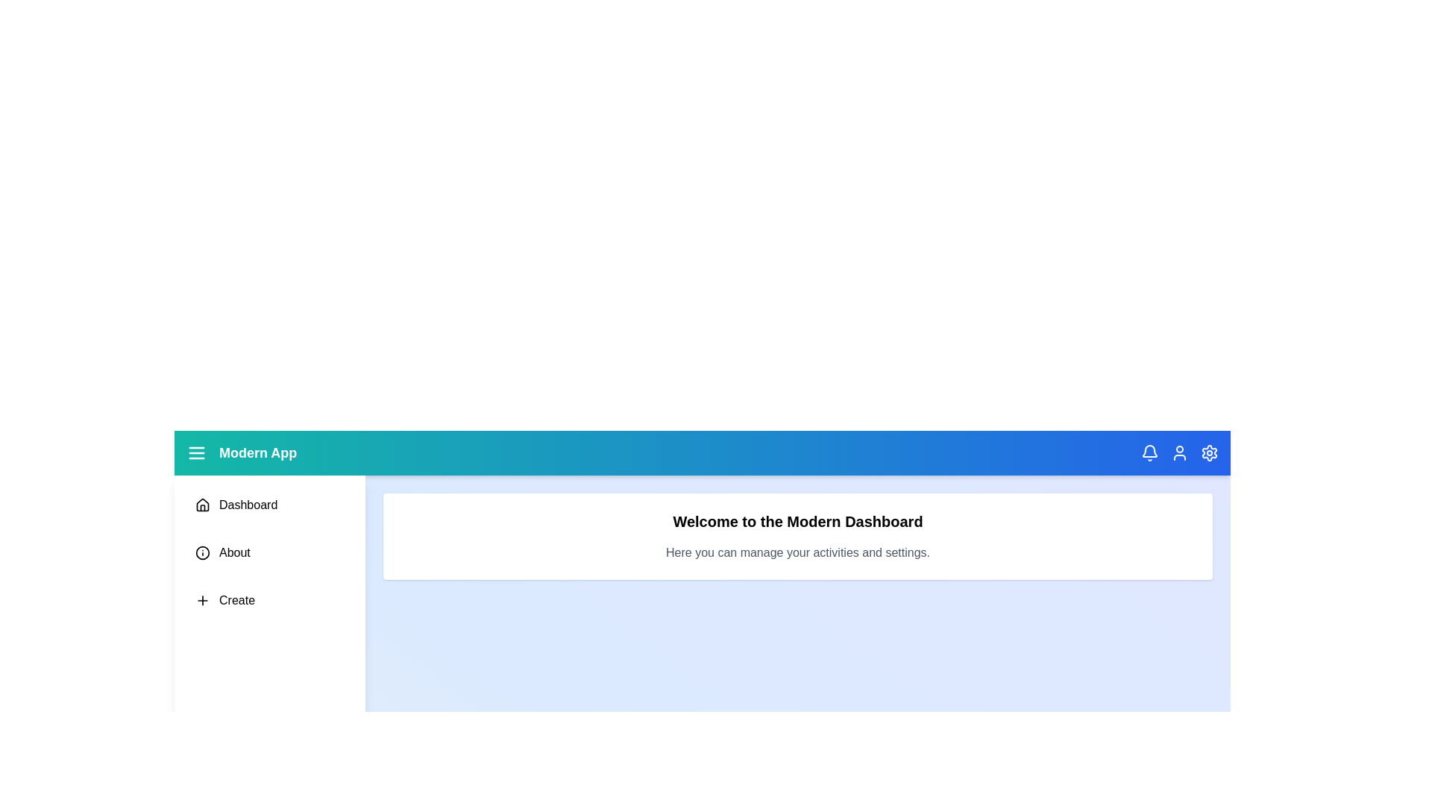 The height and width of the screenshot is (805, 1432). Describe the element at coordinates (269, 552) in the screenshot. I see `the menu item About from the sidebar` at that location.